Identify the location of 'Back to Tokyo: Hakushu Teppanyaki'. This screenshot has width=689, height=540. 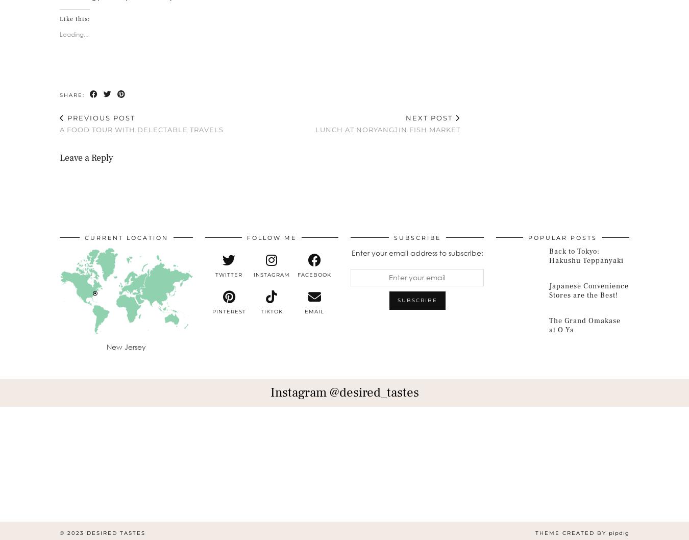
(549, 255).